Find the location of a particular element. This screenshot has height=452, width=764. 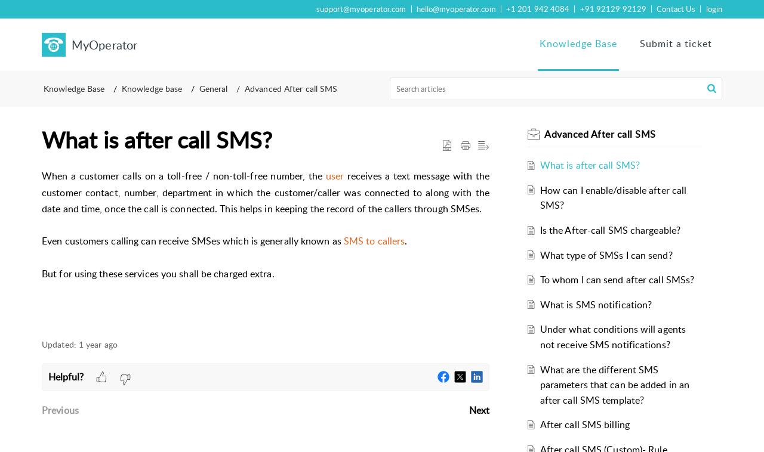

'+1 201 942 4084' is located at coordinates (505, 8).